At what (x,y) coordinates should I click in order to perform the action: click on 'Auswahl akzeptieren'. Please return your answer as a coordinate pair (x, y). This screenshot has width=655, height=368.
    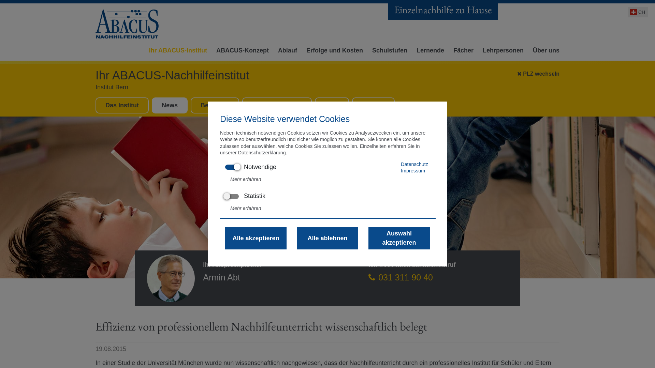
    Looking at the image, I should click on (399, 237).